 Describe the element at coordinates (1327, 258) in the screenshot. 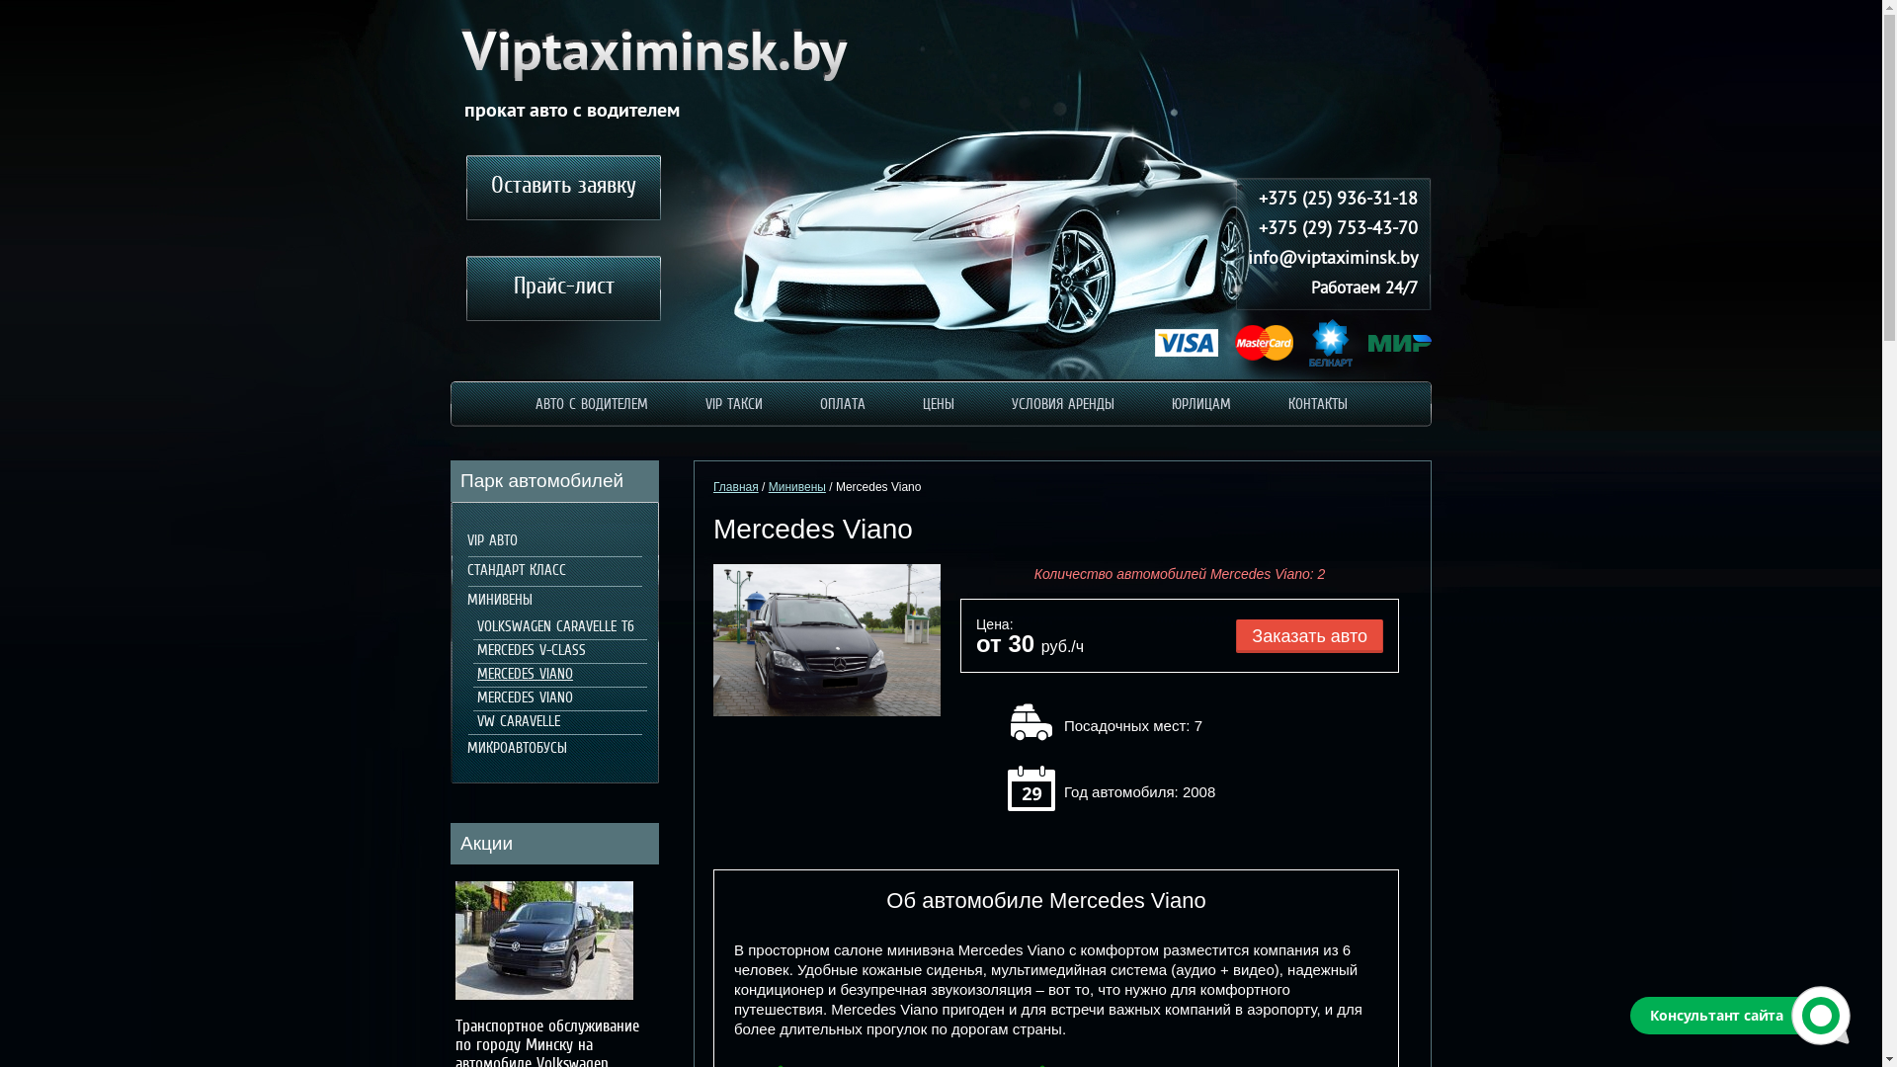

I see `'info@viptaximinsk.by'` at that location.